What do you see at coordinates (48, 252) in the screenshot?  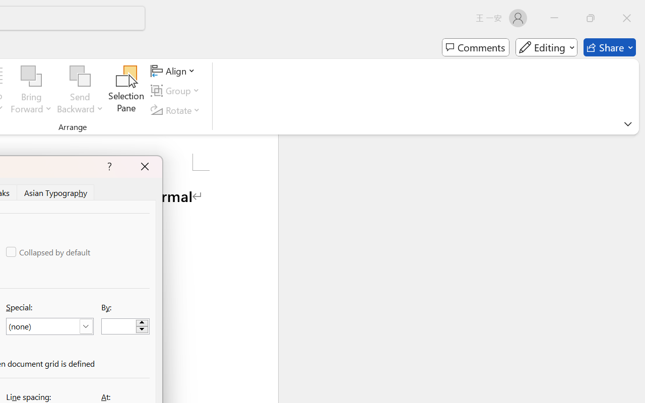 I see `'Collapsed by default'` at bounding box center [48, 252].